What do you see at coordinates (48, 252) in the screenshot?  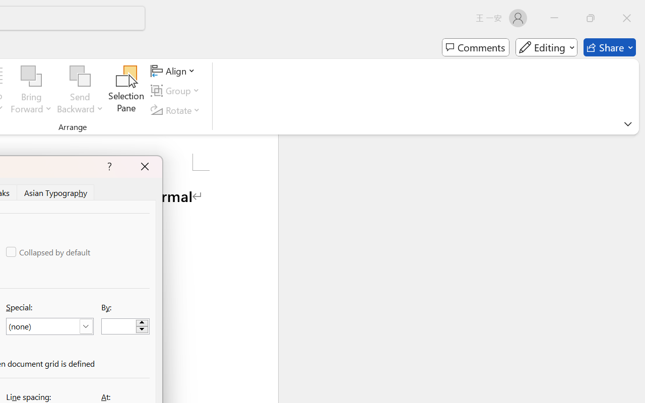 I see `'Collapsed by default'` at bounding box center [48, 252].